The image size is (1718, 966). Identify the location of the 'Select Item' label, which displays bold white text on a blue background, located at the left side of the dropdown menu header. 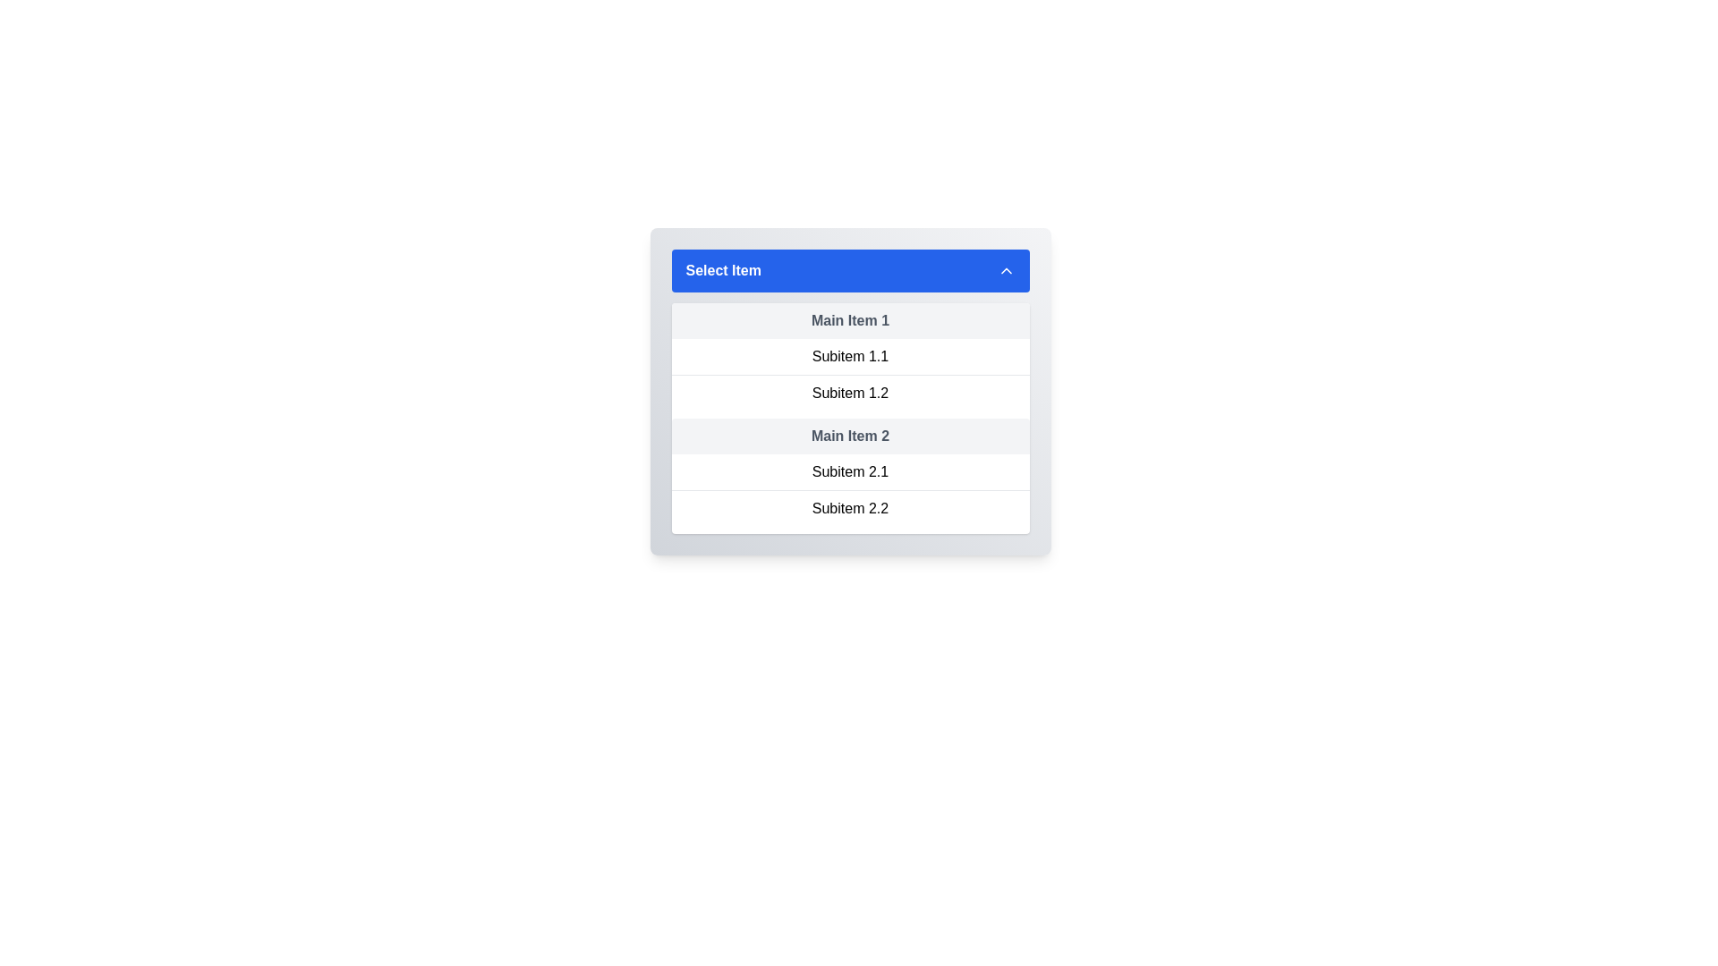
(723, 271).